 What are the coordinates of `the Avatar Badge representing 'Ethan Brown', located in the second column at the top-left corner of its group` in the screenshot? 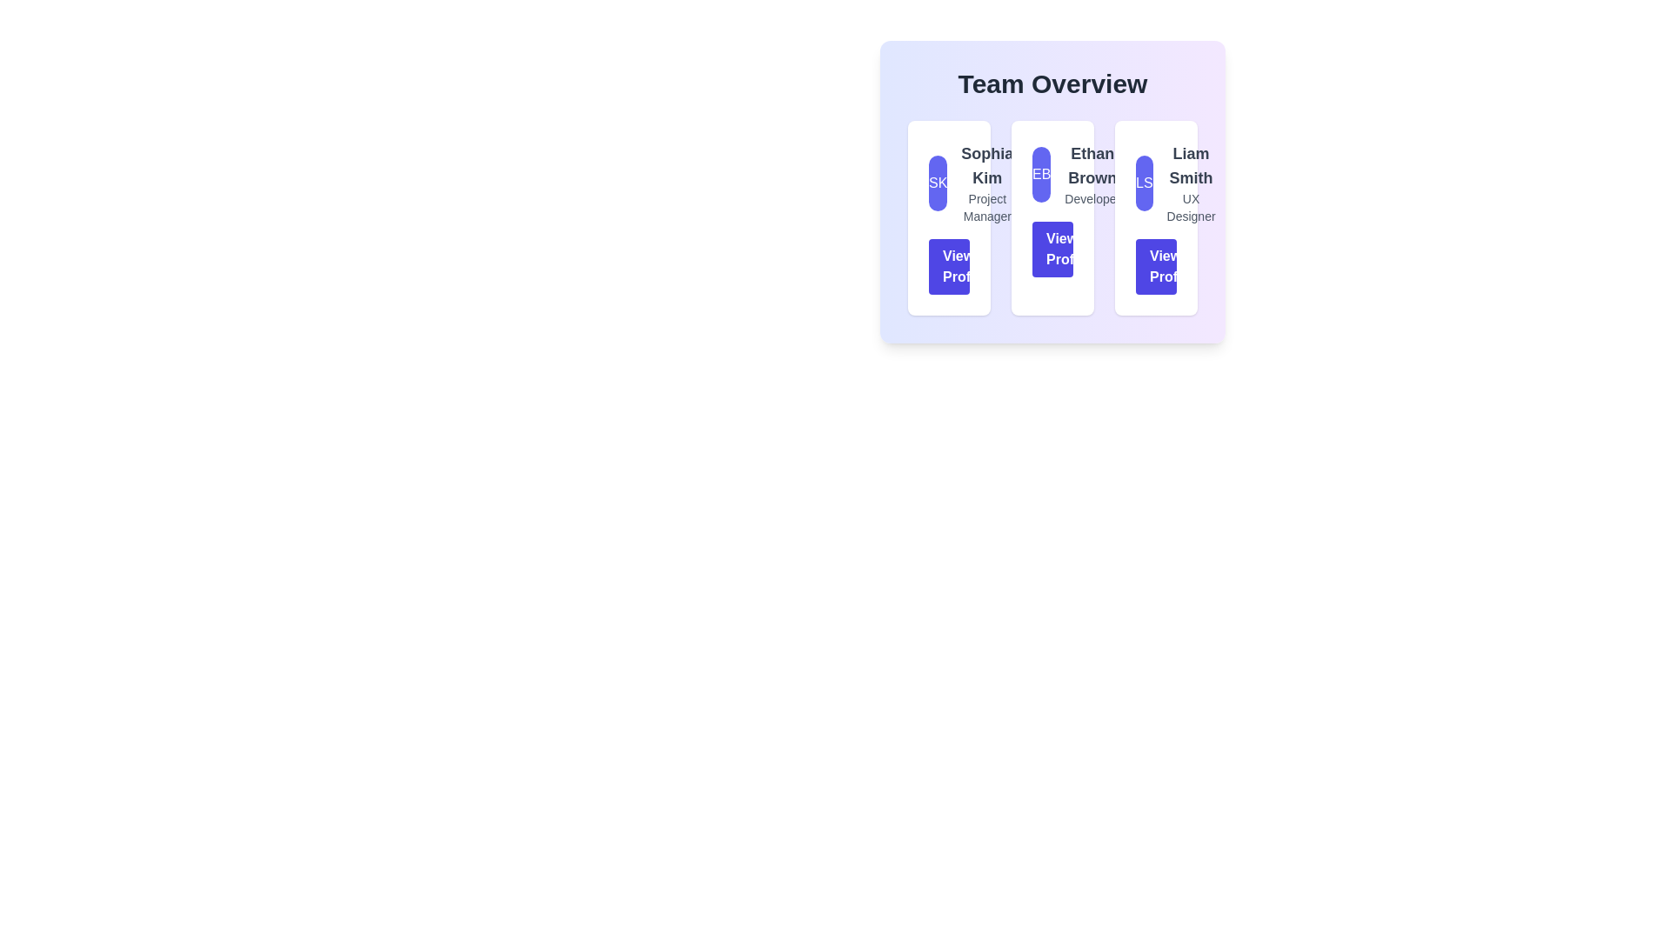 It's located at (1052, 174).